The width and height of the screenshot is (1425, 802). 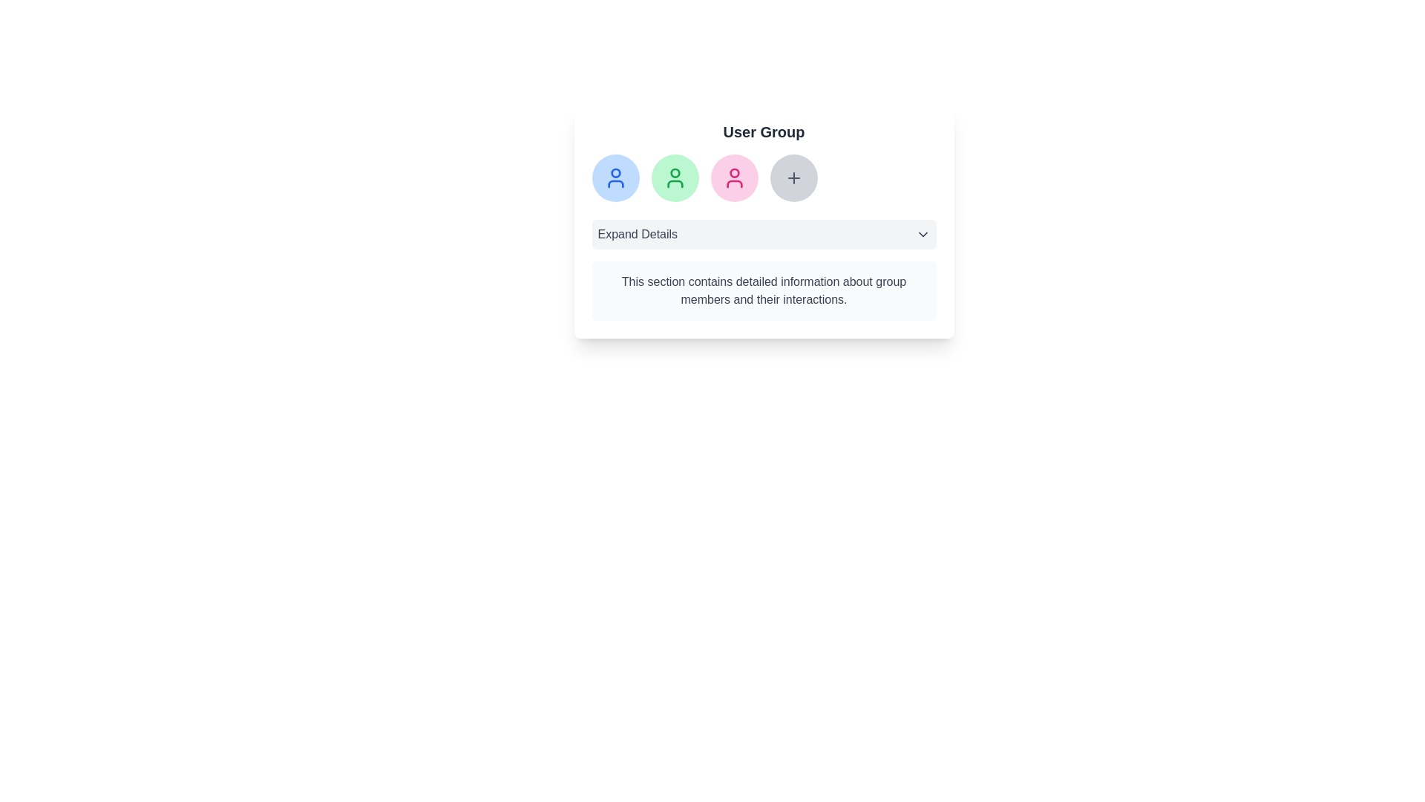 What do you see at coordinates (734, 177) in the screenshot?
I see `the user avatar component, which is the third circular icon in a horizontal row` at bounding box center [734, 177].